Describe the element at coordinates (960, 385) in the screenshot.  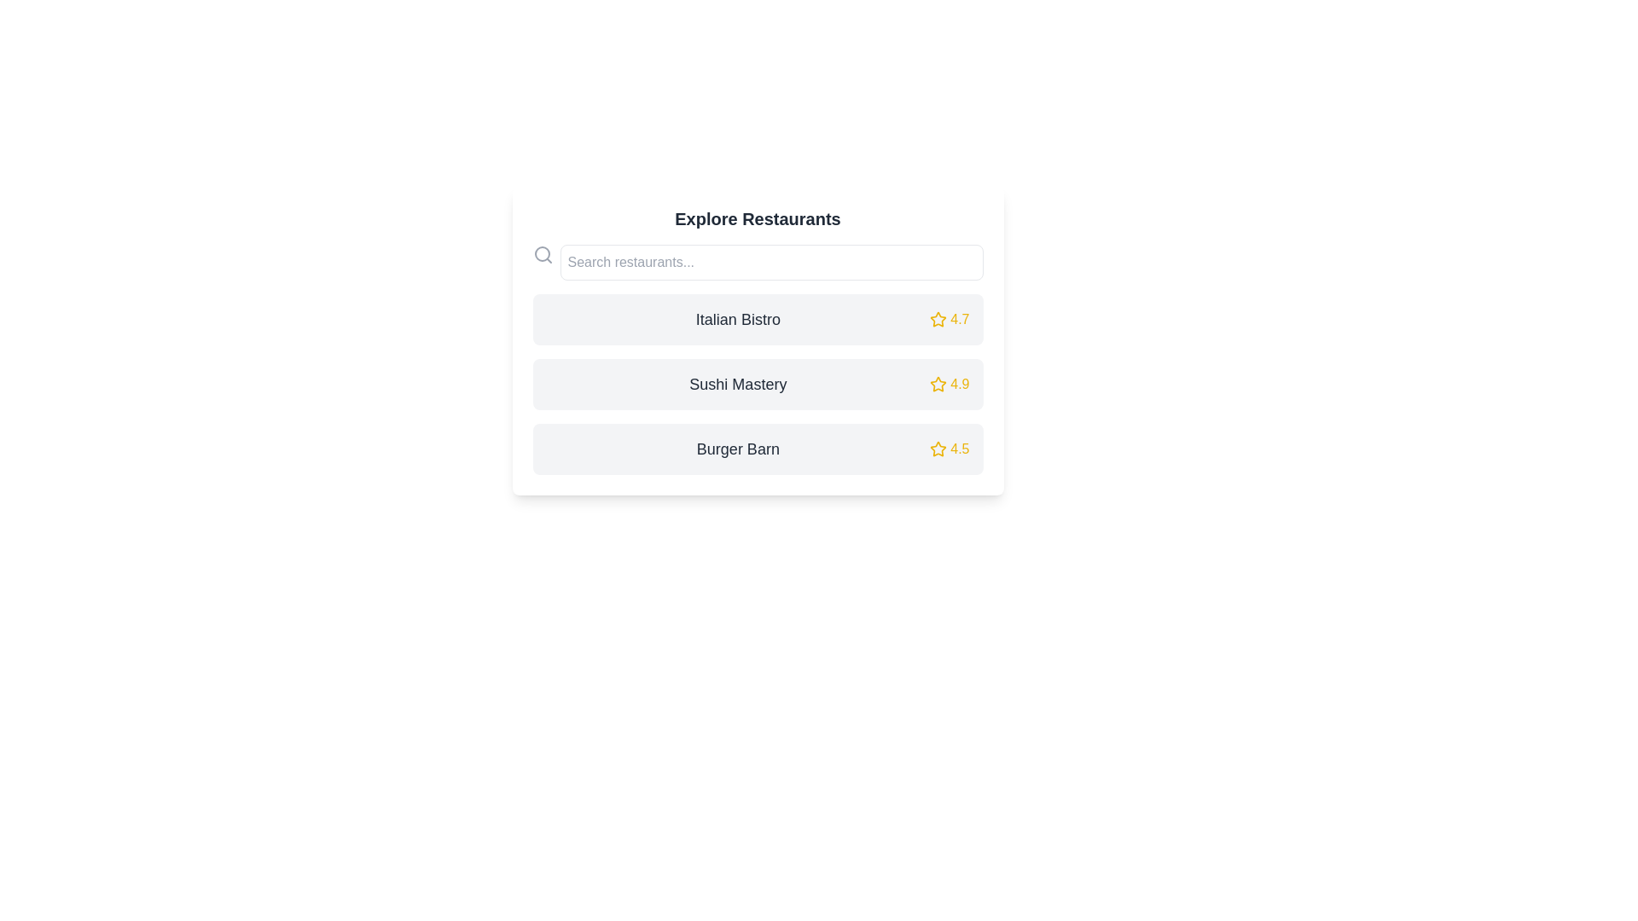
I see `the text label displaying '4.9' in yellow font, which is located next to the star icon in the 'Sushi Mastery' list item under 'Explore Restaurants'` at that location.